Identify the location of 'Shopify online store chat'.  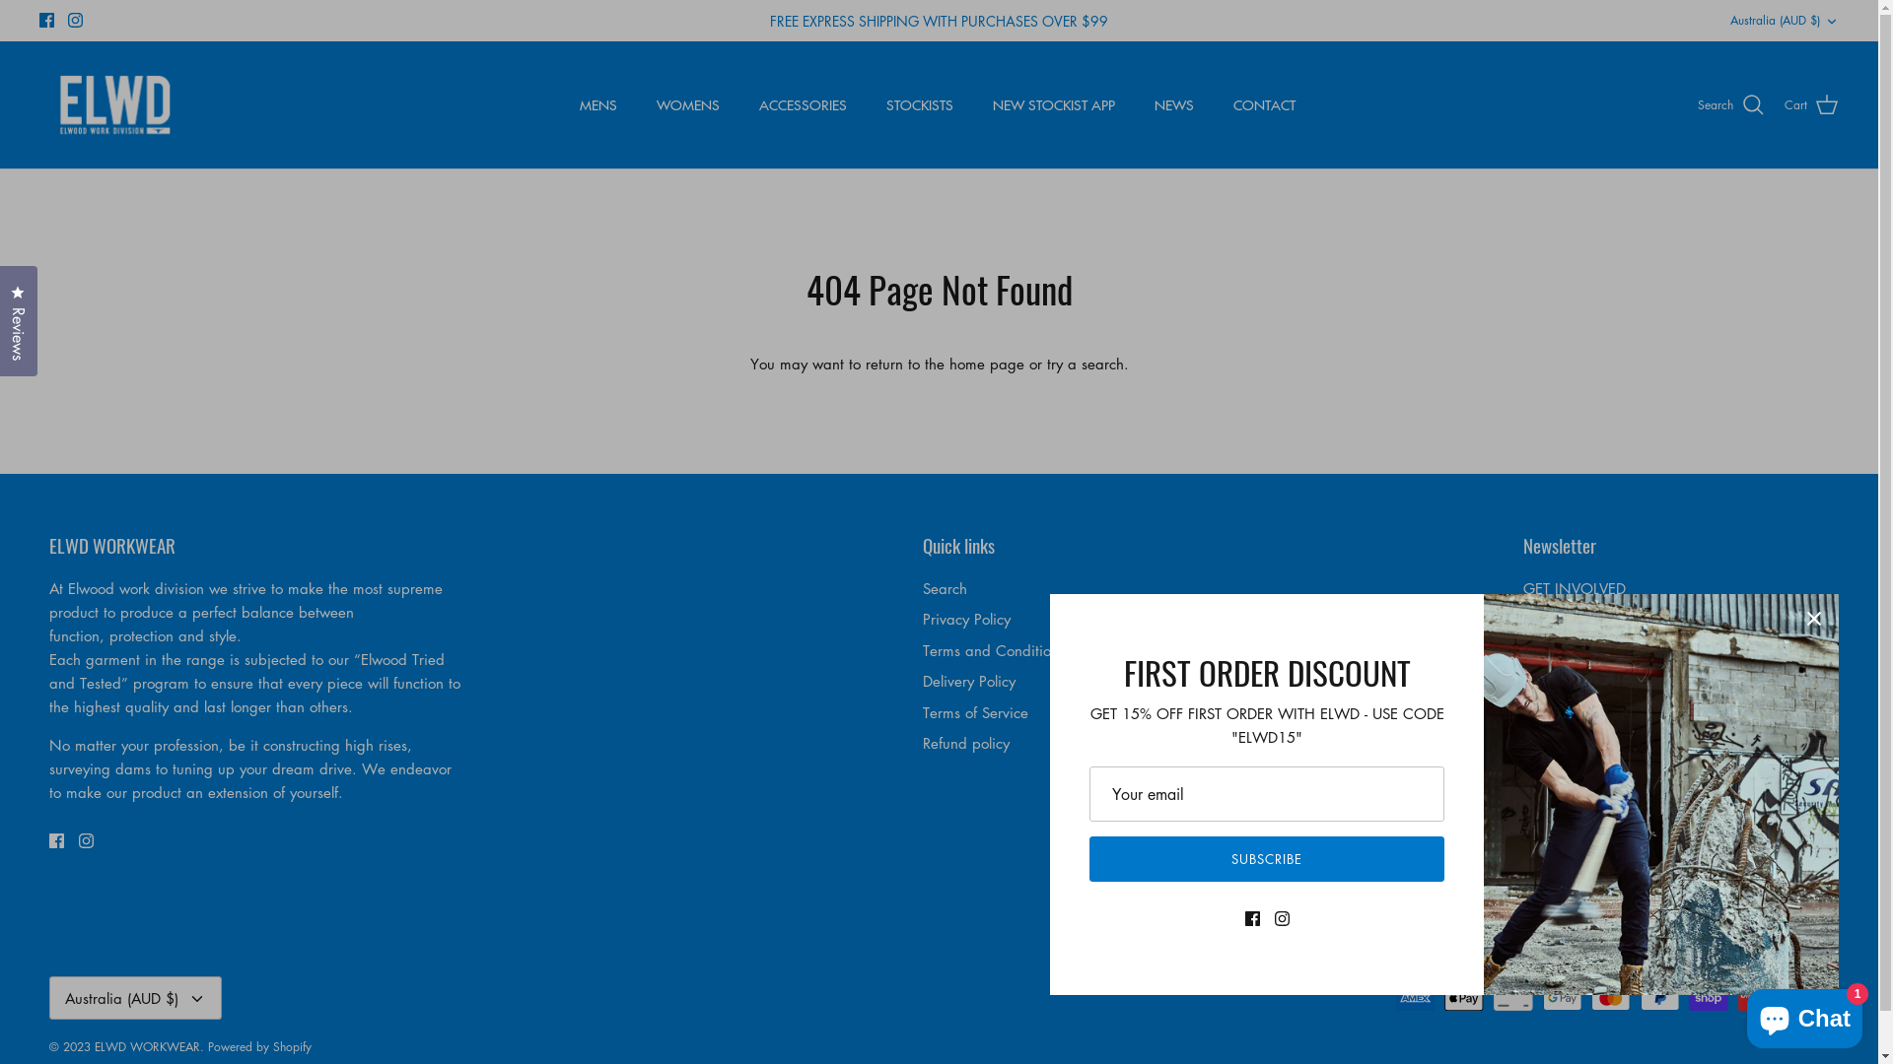
(1804, 1014).